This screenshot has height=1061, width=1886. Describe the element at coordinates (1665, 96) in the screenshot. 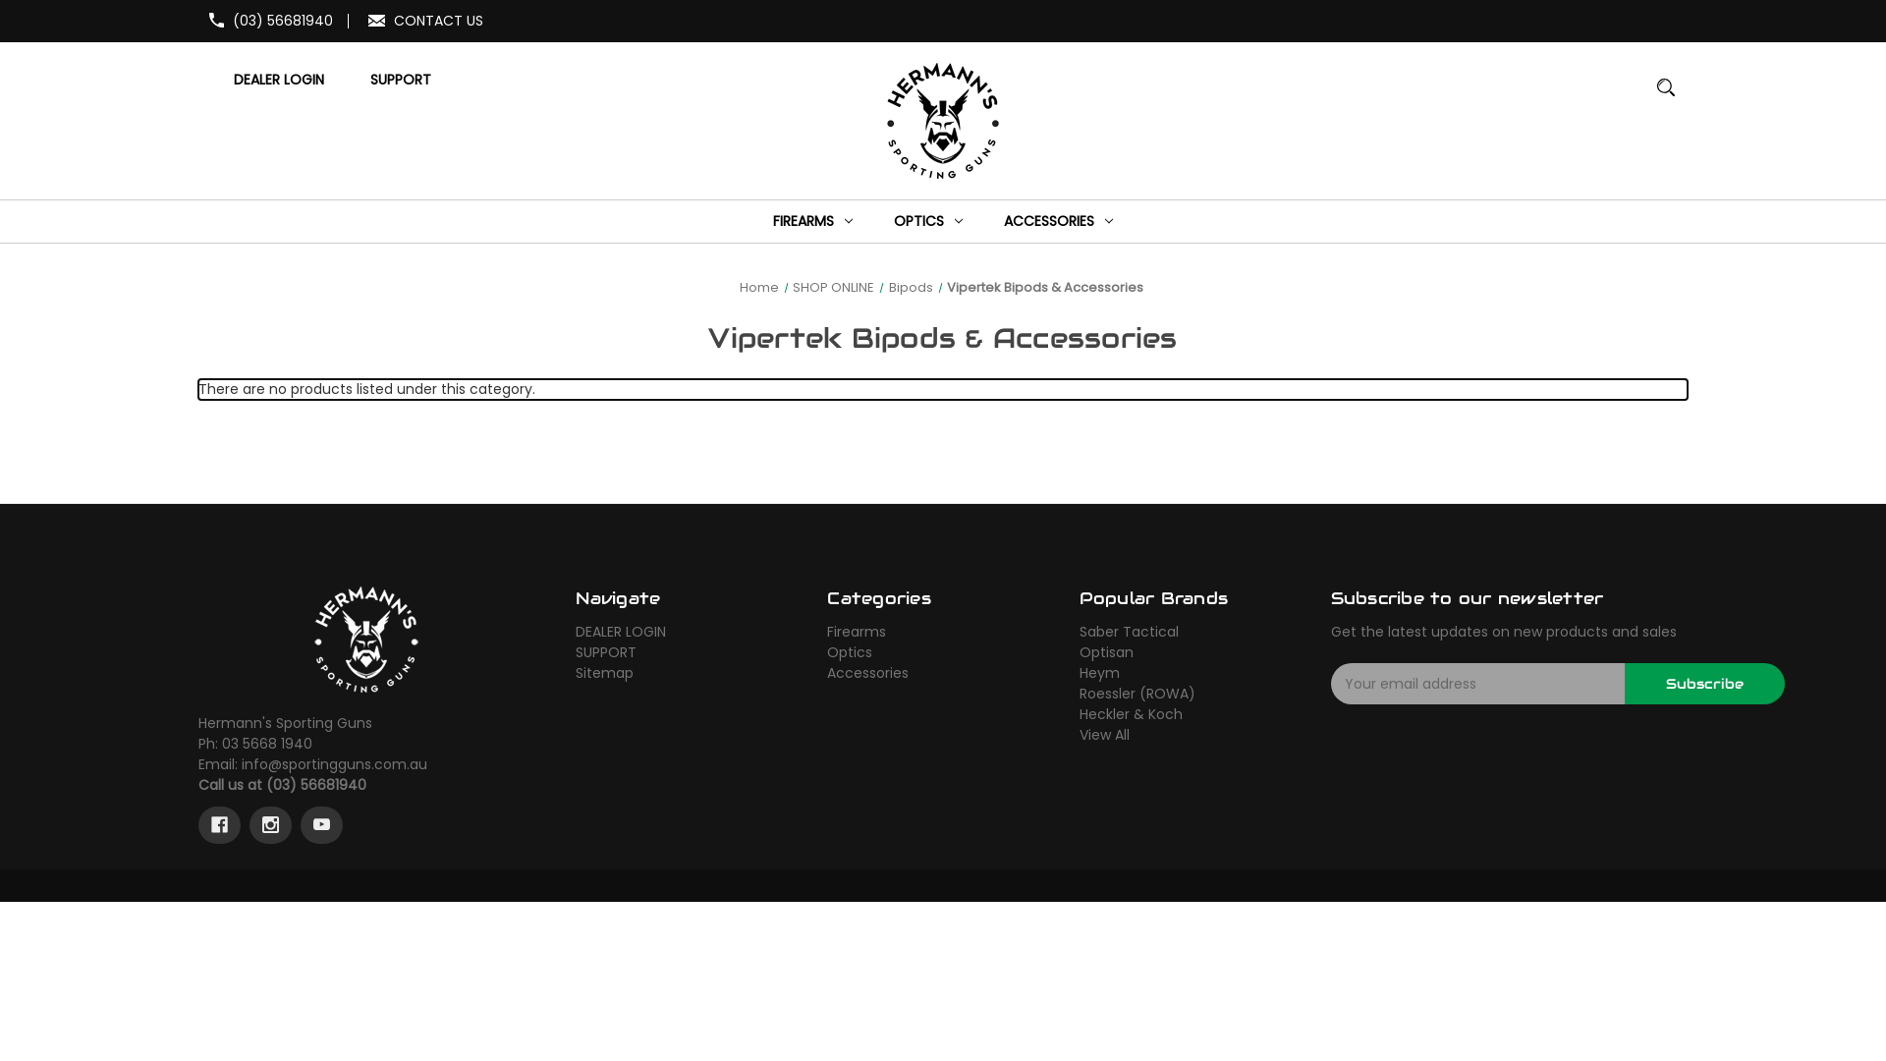

I see `'MAGNIFYING GLASS IMAGE LARGE RED CIRCLE WITH A BLACK BORDER'` at that location.